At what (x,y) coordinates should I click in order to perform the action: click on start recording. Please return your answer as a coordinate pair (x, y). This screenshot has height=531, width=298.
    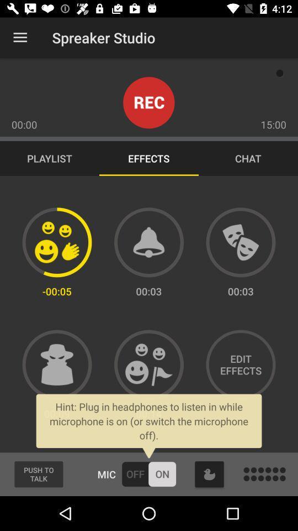
    Looking at the image, I should click on (148, 102).